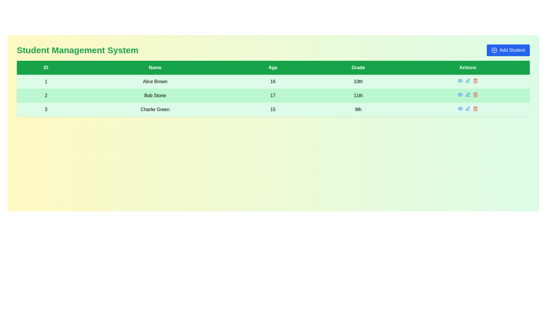  What do you see at coordinates (475, 81) in the screenshot?
I see `the delete button located in the rightmost cell under the 'Actions' column of the second row, corresponding to 'Bob Stone', to initiate the delete action` at bounding box center [475, 81].